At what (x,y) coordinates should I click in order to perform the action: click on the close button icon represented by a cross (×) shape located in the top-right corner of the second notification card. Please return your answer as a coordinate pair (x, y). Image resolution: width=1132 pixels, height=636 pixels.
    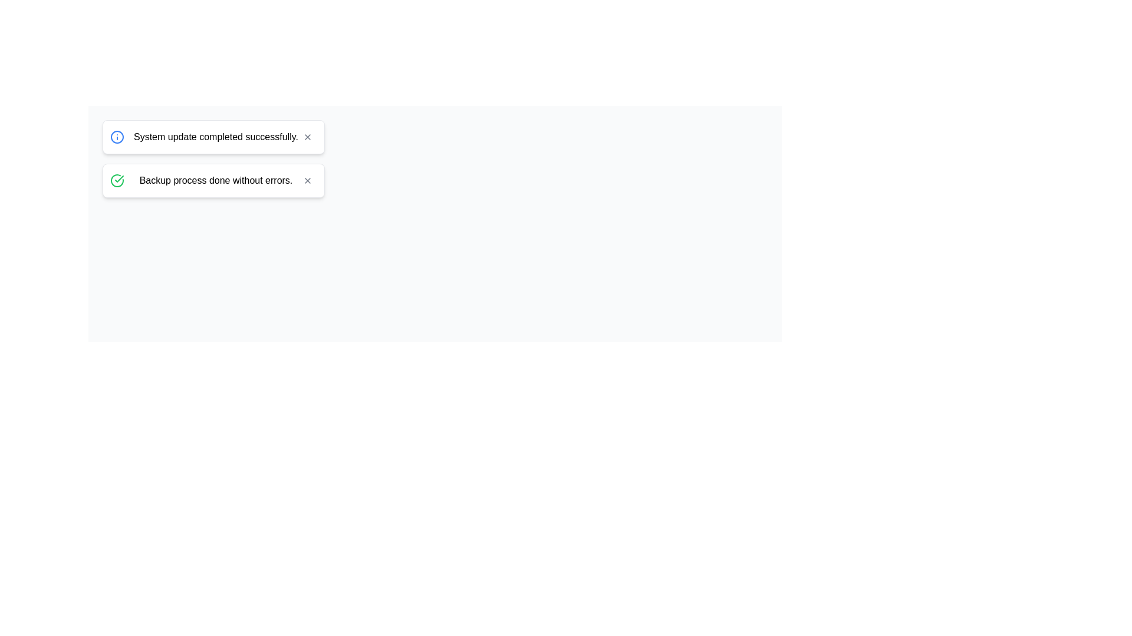
    Looking at the image, I should click on (307, 181).